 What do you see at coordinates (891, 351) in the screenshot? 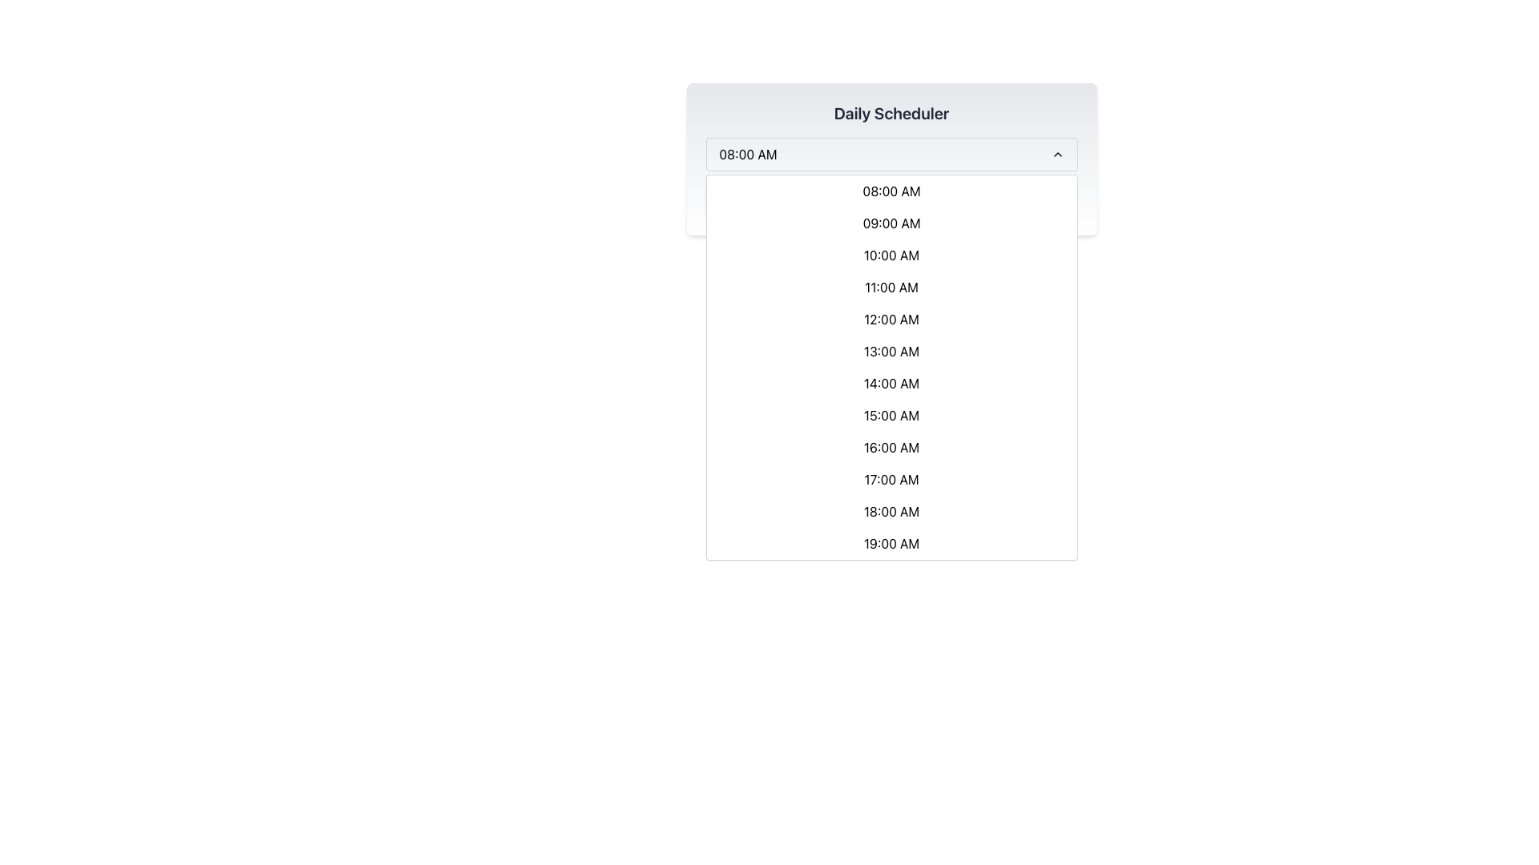
I see `the selectable dropdown menu item labeled '13:00 AM'` at bounding box center [891, 351].